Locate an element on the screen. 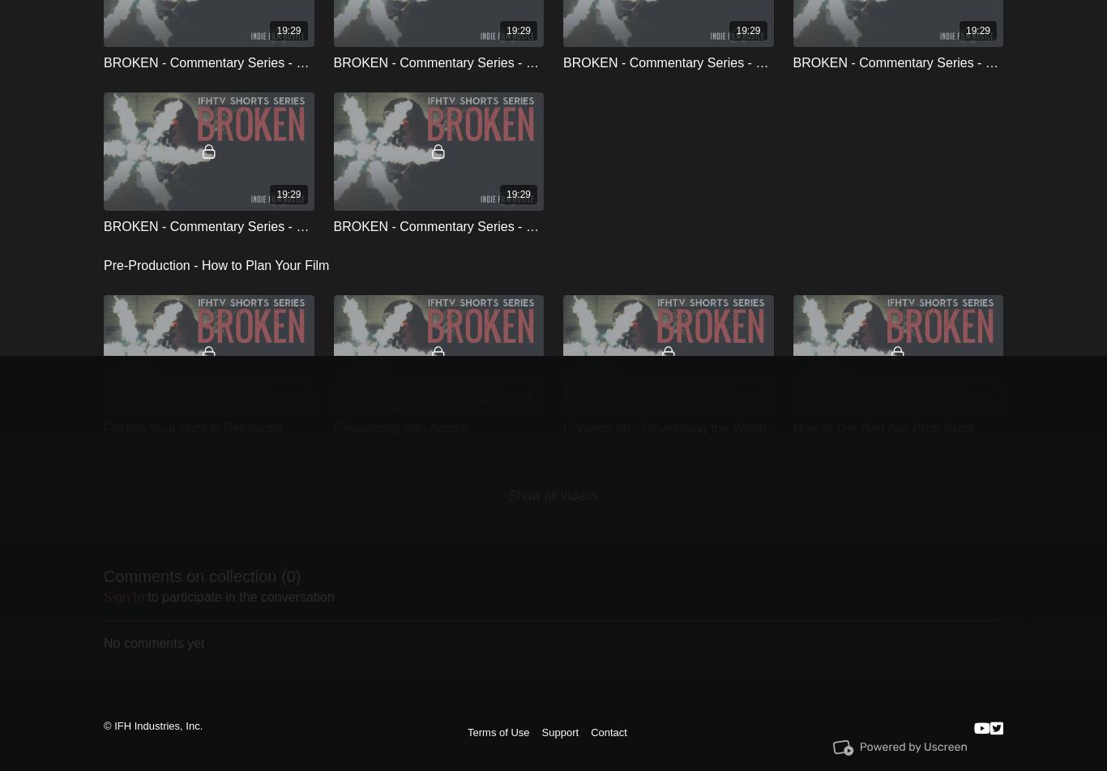 Image resolution: width=1107 pixels, height=771 pixels. 'No comments yet' is located at coordinates (102, 641).